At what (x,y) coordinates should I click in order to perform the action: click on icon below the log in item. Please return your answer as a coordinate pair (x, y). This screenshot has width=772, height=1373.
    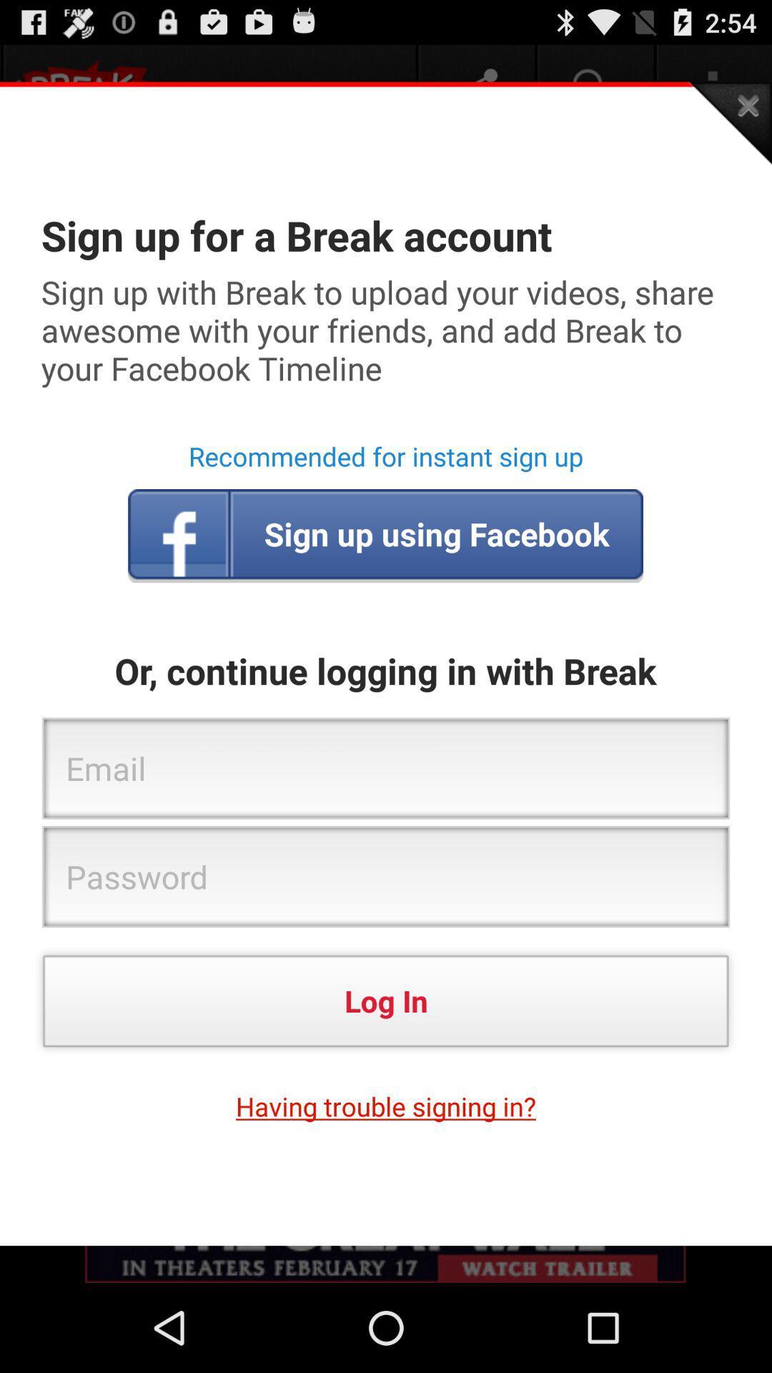
    Looking at the image, I should click on (386, 1106).